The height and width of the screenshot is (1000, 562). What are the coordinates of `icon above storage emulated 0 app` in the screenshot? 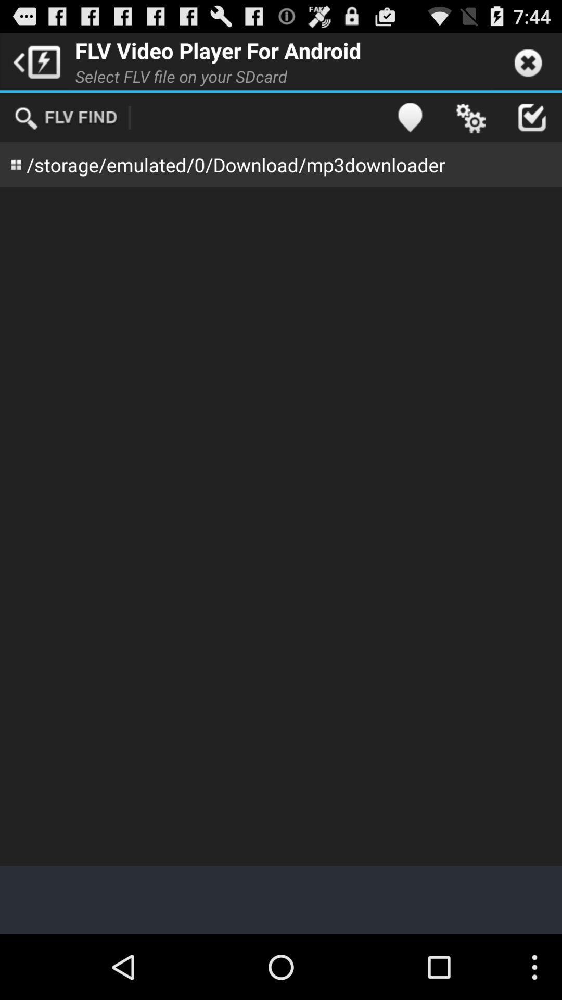 It's located at (409, 117).